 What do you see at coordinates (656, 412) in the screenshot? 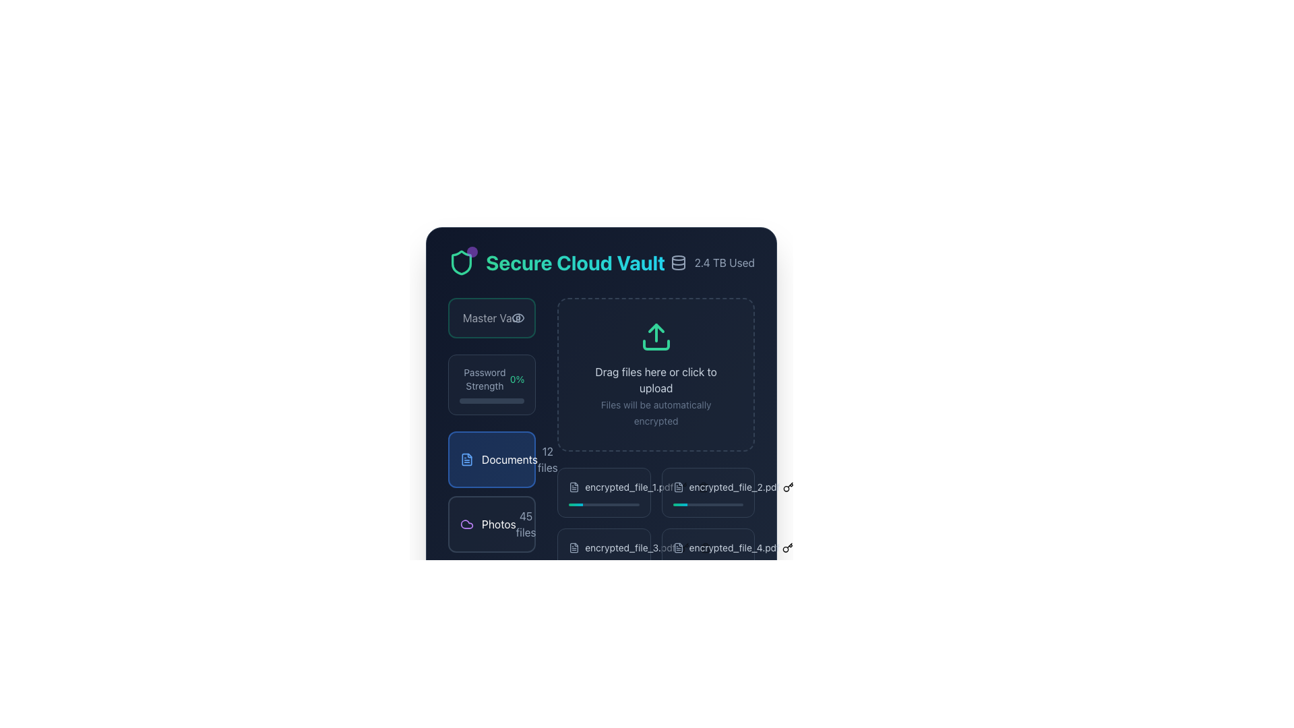
I see `the static text label that informs users about the automatic encryption of uploaded files, located below the 'Drag files here or click to upload' text element` at bounding box center [656, 412].